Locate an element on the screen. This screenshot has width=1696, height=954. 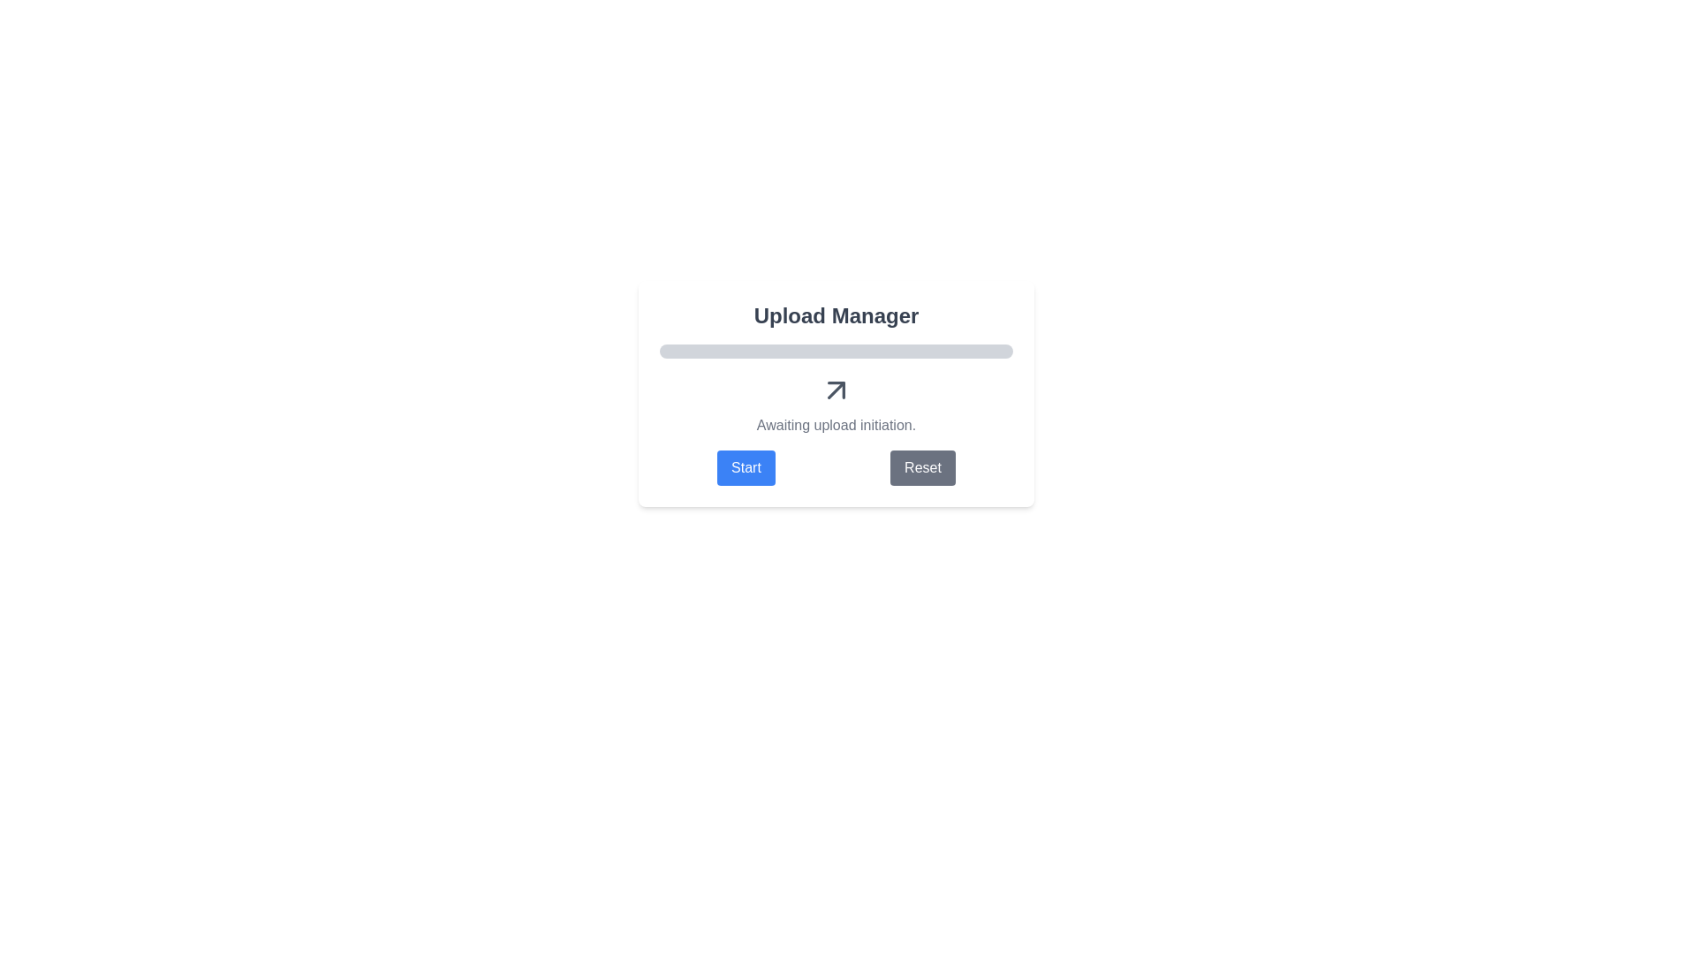
the reset button located on the lower right of the 'Upload Manager' panel is located at coordinates (922, 466).